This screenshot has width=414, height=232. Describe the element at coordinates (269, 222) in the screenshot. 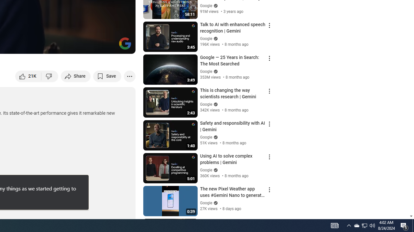

I see `'Action menu'` at that location.